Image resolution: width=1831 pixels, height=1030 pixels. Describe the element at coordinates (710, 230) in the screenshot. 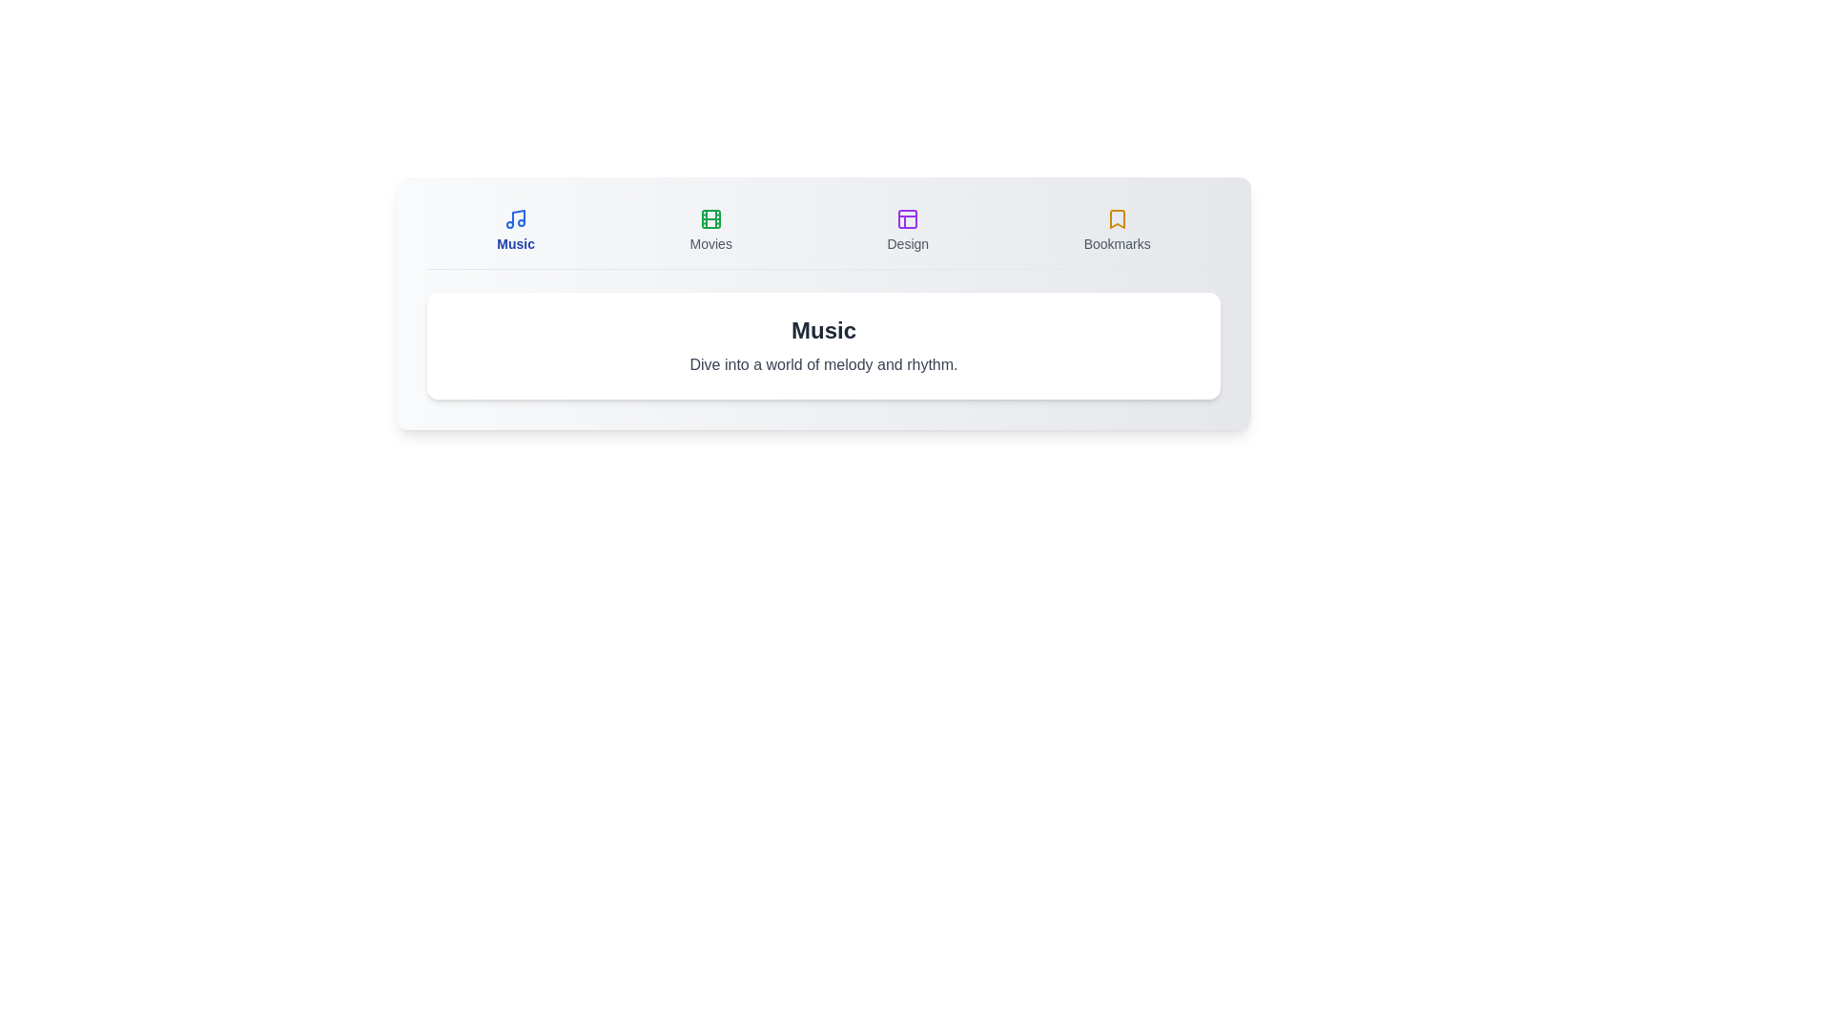

I see `the tab icon labeled Movies` at that location.